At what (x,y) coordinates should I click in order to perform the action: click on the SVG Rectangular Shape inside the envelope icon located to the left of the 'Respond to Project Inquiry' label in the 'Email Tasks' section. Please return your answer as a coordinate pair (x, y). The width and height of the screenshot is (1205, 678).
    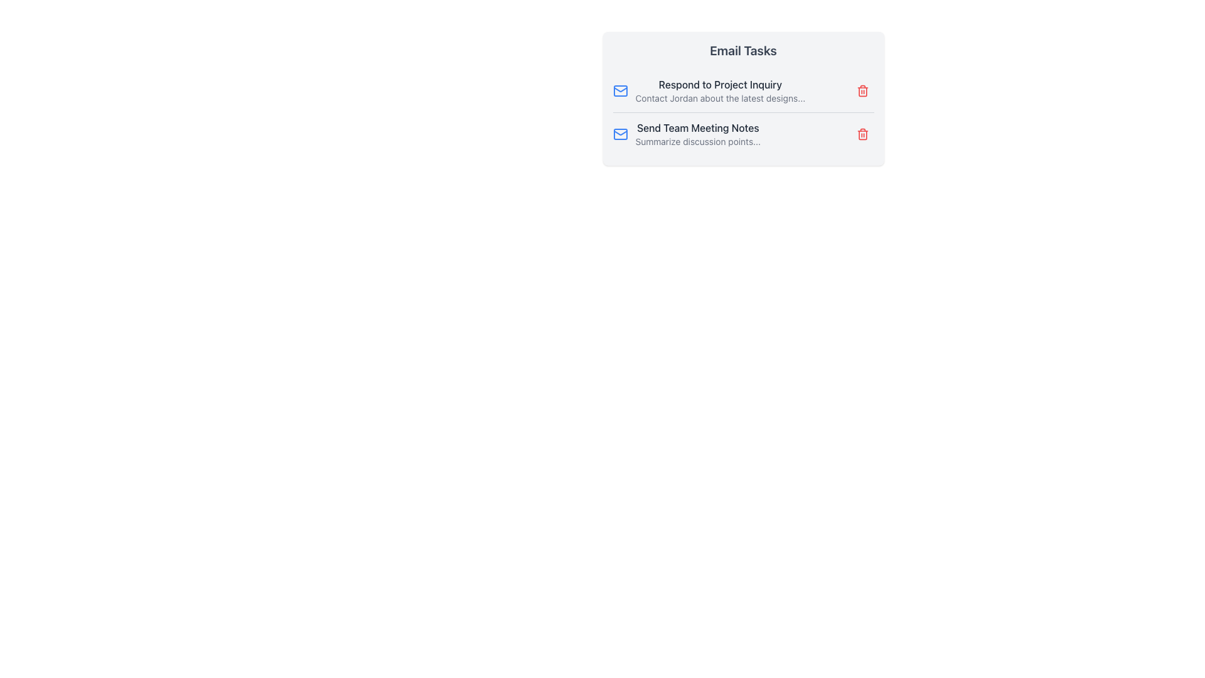
    Looking at the image, I should click on (620, 90).